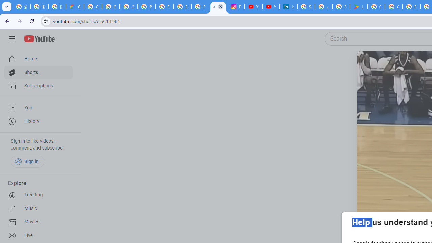 The height and width of the screenshot is (243, 432). I want to click on 'YouTube Home', so click(39, 39).